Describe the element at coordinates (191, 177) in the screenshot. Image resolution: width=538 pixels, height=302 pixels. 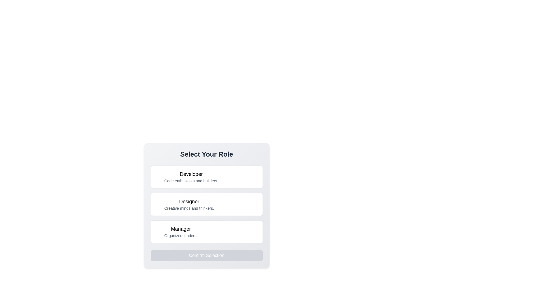
I see `the 'Developer' text block, which is the topmost entry in a list of role descriptions, to make a selection` at that location.